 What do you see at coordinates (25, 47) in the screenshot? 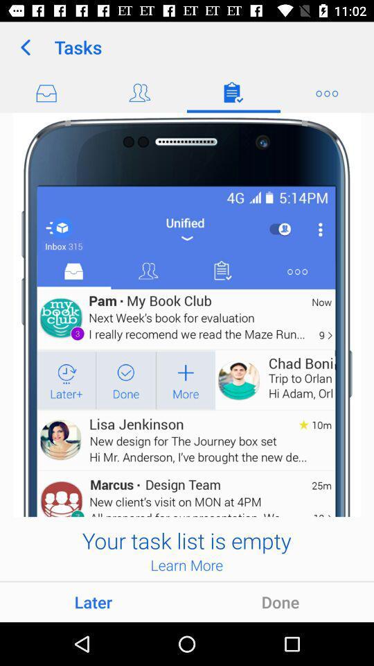
I see `icon next to the tasks app` at bounding box center [25, 47].